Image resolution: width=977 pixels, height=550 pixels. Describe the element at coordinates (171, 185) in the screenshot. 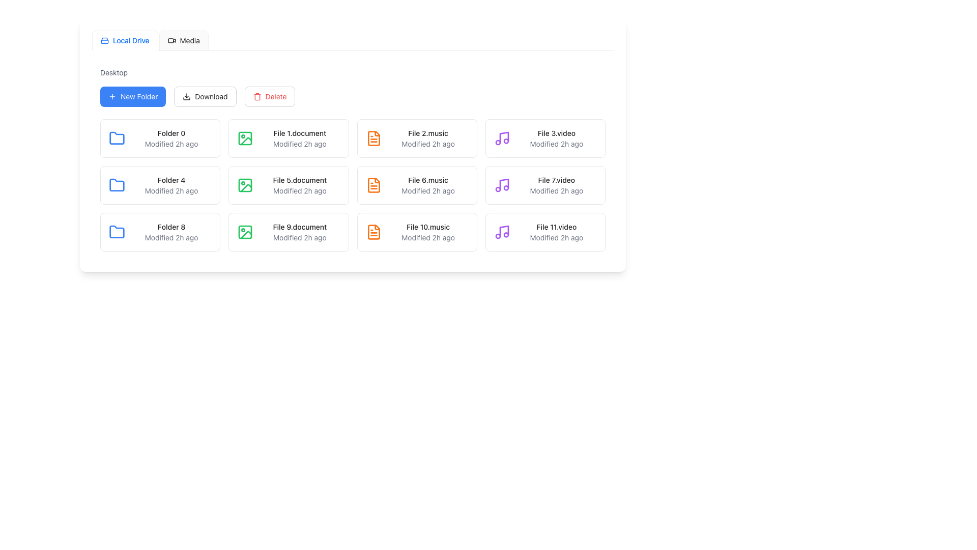

I see `the text block representing the folder named 'Folder 4', which displays the last modification time '2 hours ago'` at that location.